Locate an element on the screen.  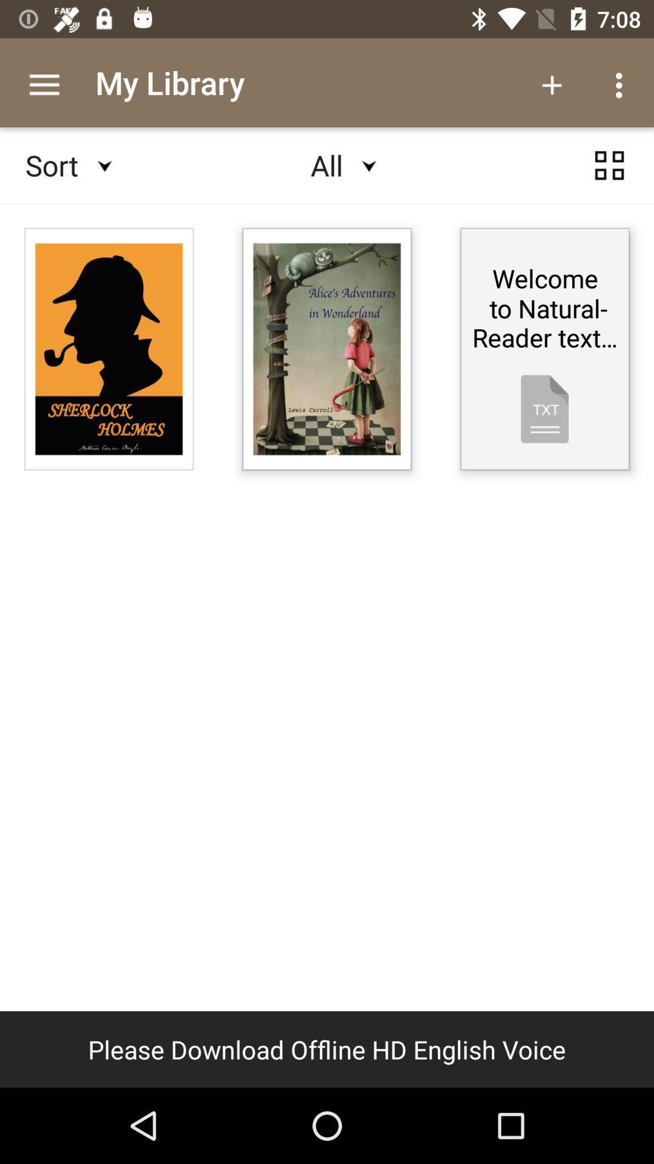
the date_range icon is located at coordinates (609, 176).